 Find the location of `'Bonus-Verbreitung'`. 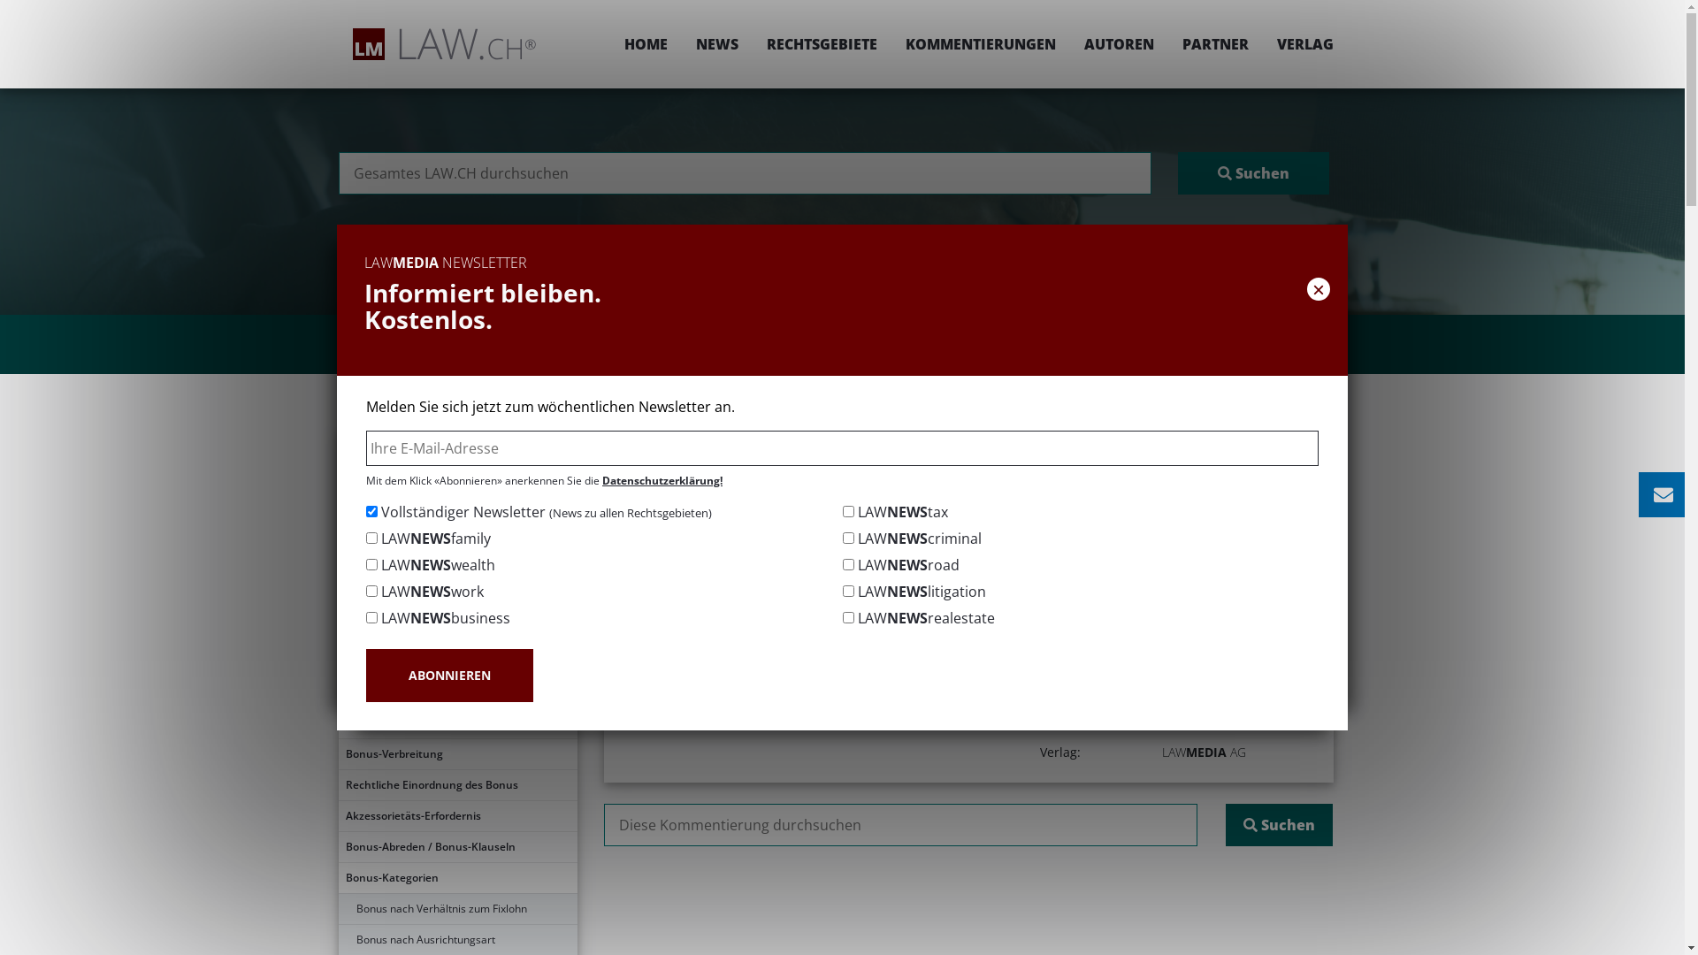

'Bonus-Verbreitung' is located at coordinates (338, 753).